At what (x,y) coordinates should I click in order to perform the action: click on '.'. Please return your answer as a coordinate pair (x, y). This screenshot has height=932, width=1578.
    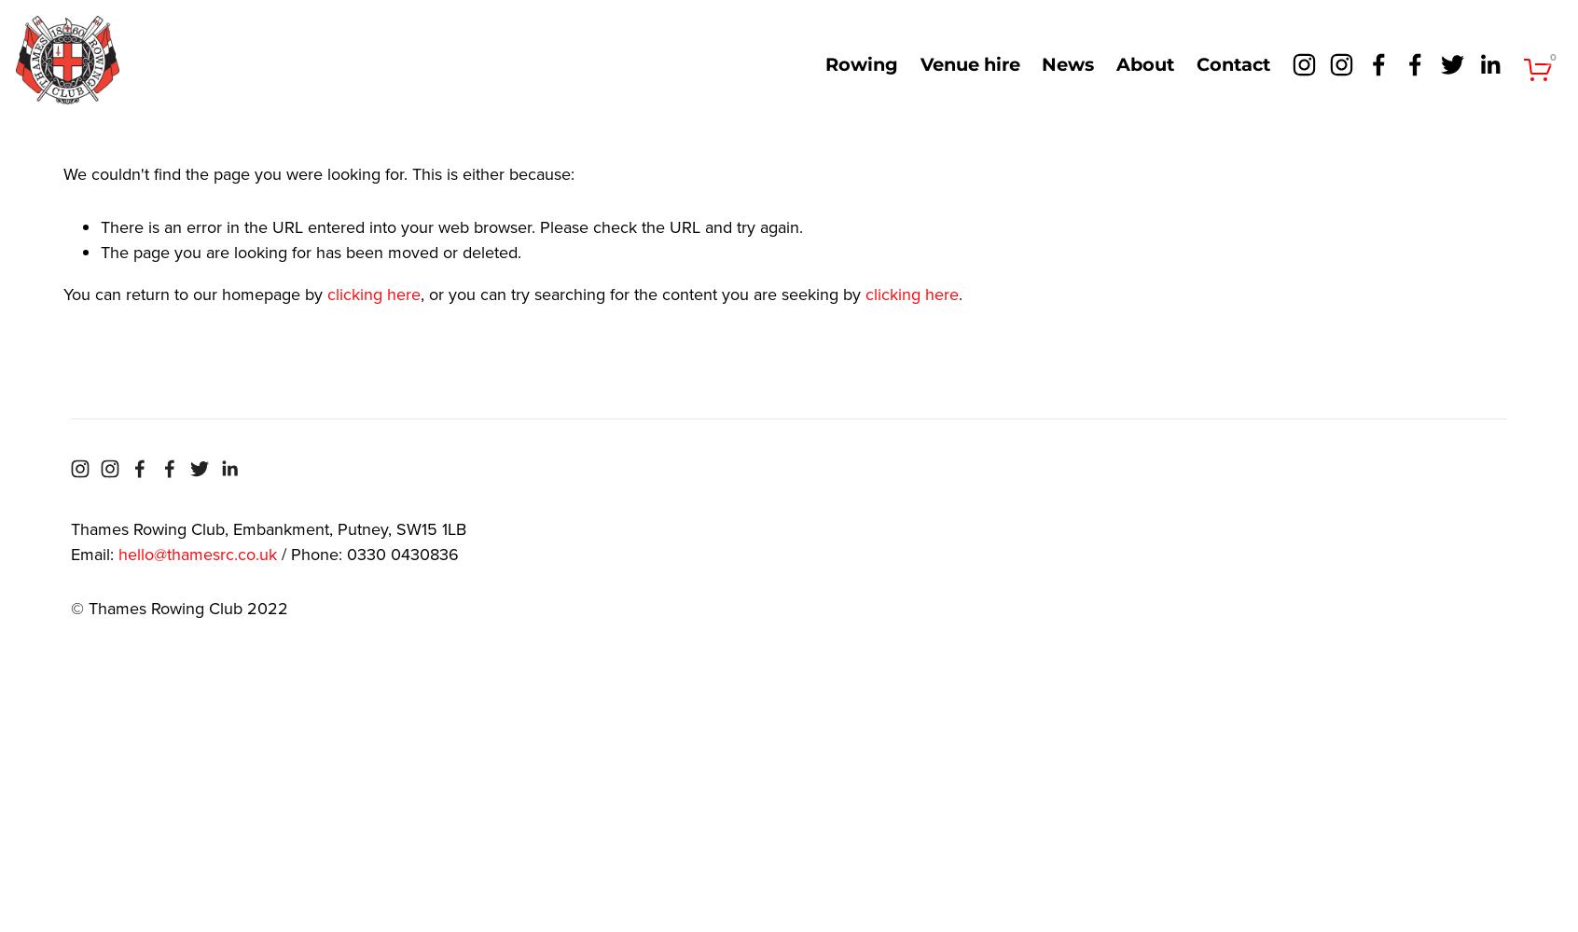
    Looking at the image, I should click on (959, 294).